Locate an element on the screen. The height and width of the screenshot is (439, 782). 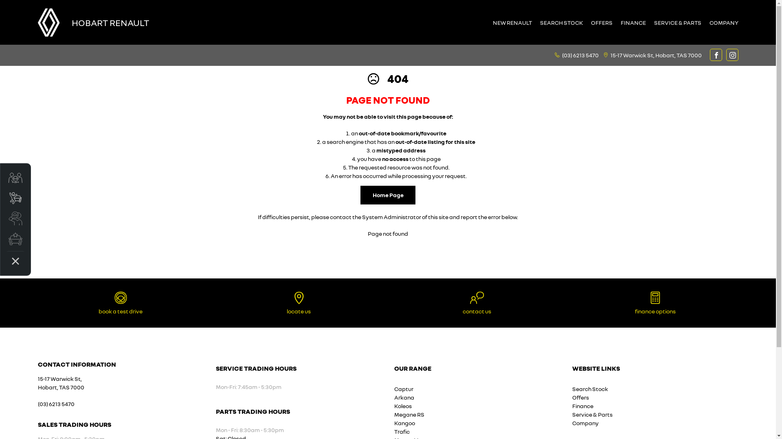
'SERVICE & PARTS' is located at coordinates (678, 22).